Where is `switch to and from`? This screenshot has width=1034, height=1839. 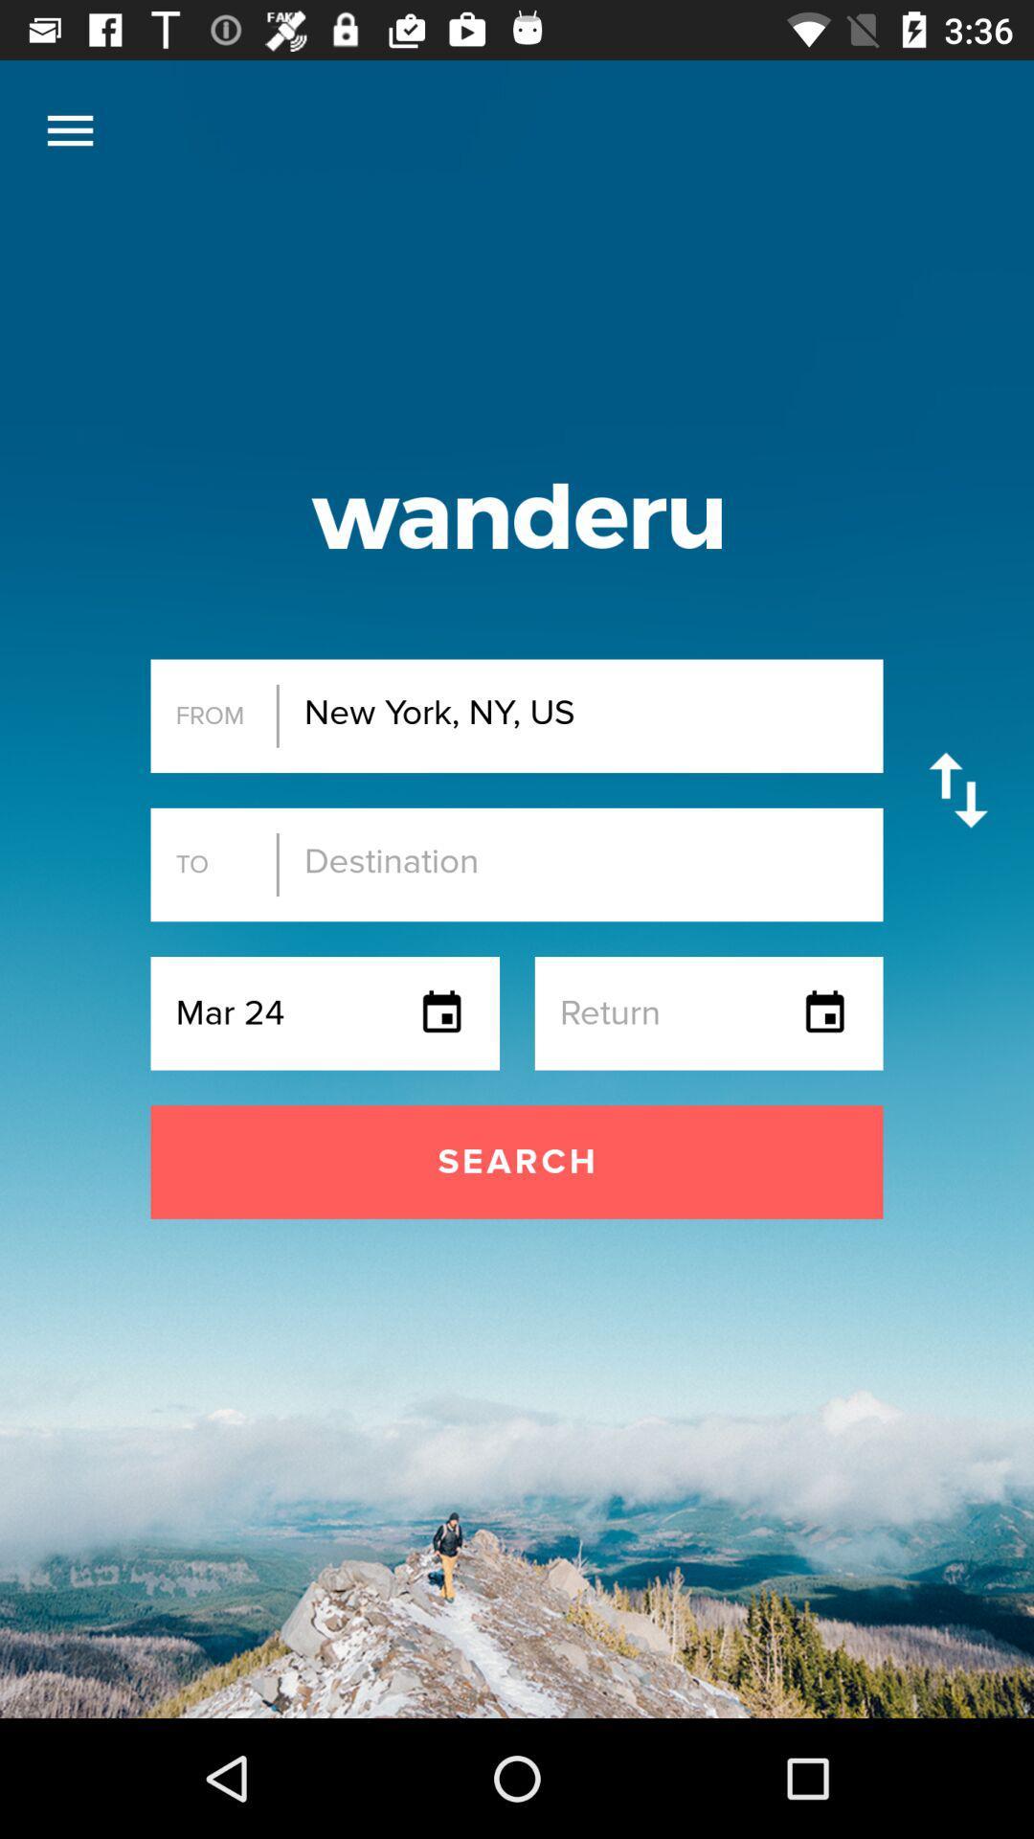 switch to and from is located at coordinates (958, 790).